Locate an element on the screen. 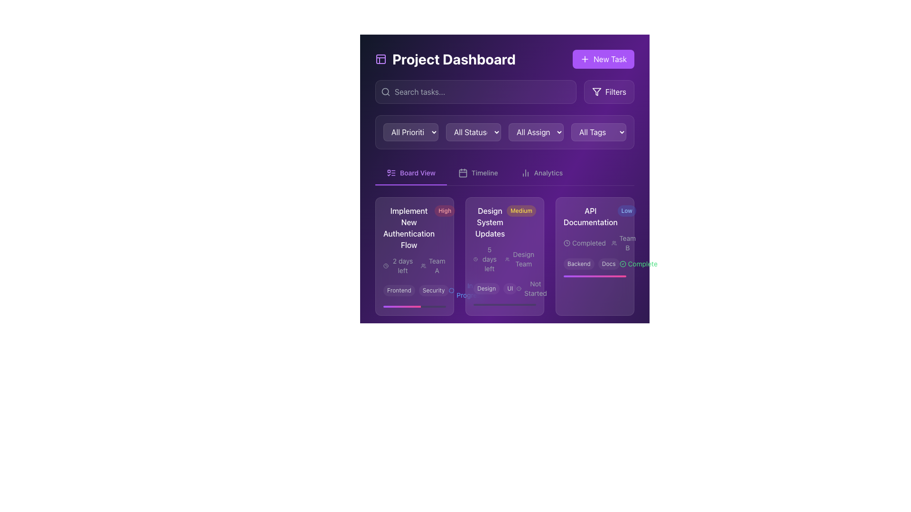  the Tag group composed of the labels 'Backend' and 'DevOps' within the card section labeled 'API Documentation' is located at coordinates (595, 407).